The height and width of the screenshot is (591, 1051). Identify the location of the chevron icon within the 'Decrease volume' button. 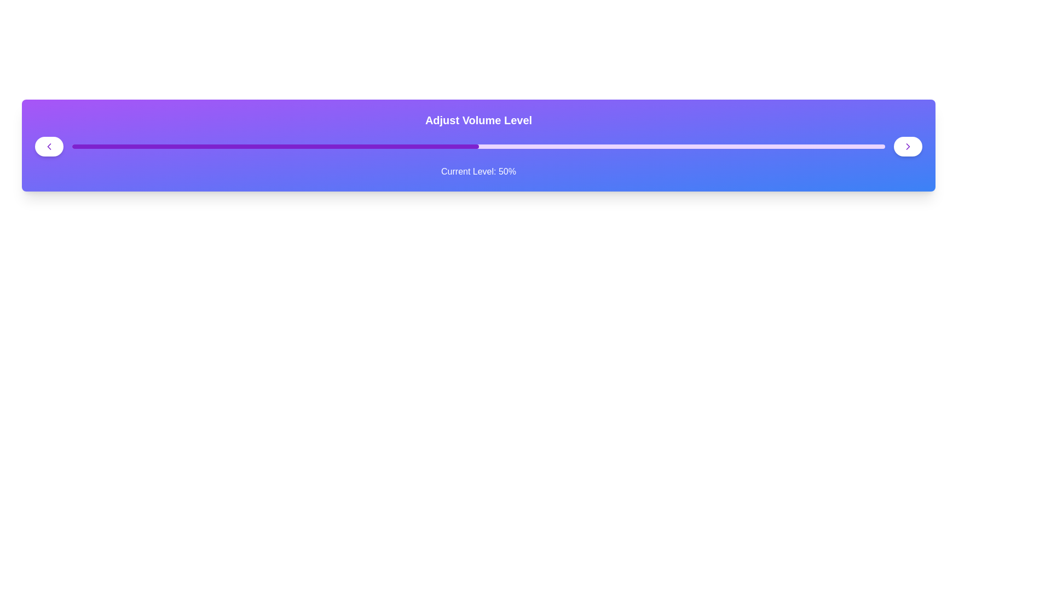
(49, 146).